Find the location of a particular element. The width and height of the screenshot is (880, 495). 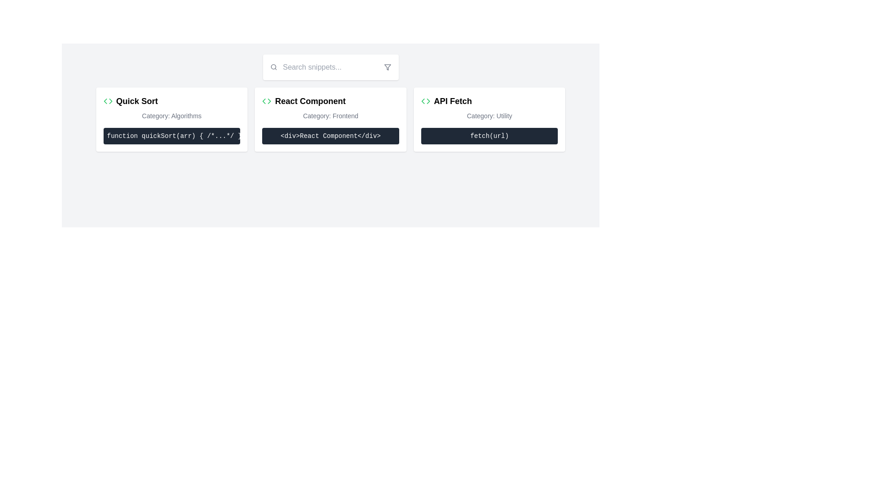

the filter icon located in the upper-right part of the interface, which is used for narrowing down displayed data or options based on specific criteria is located at coordinates (387, 66).